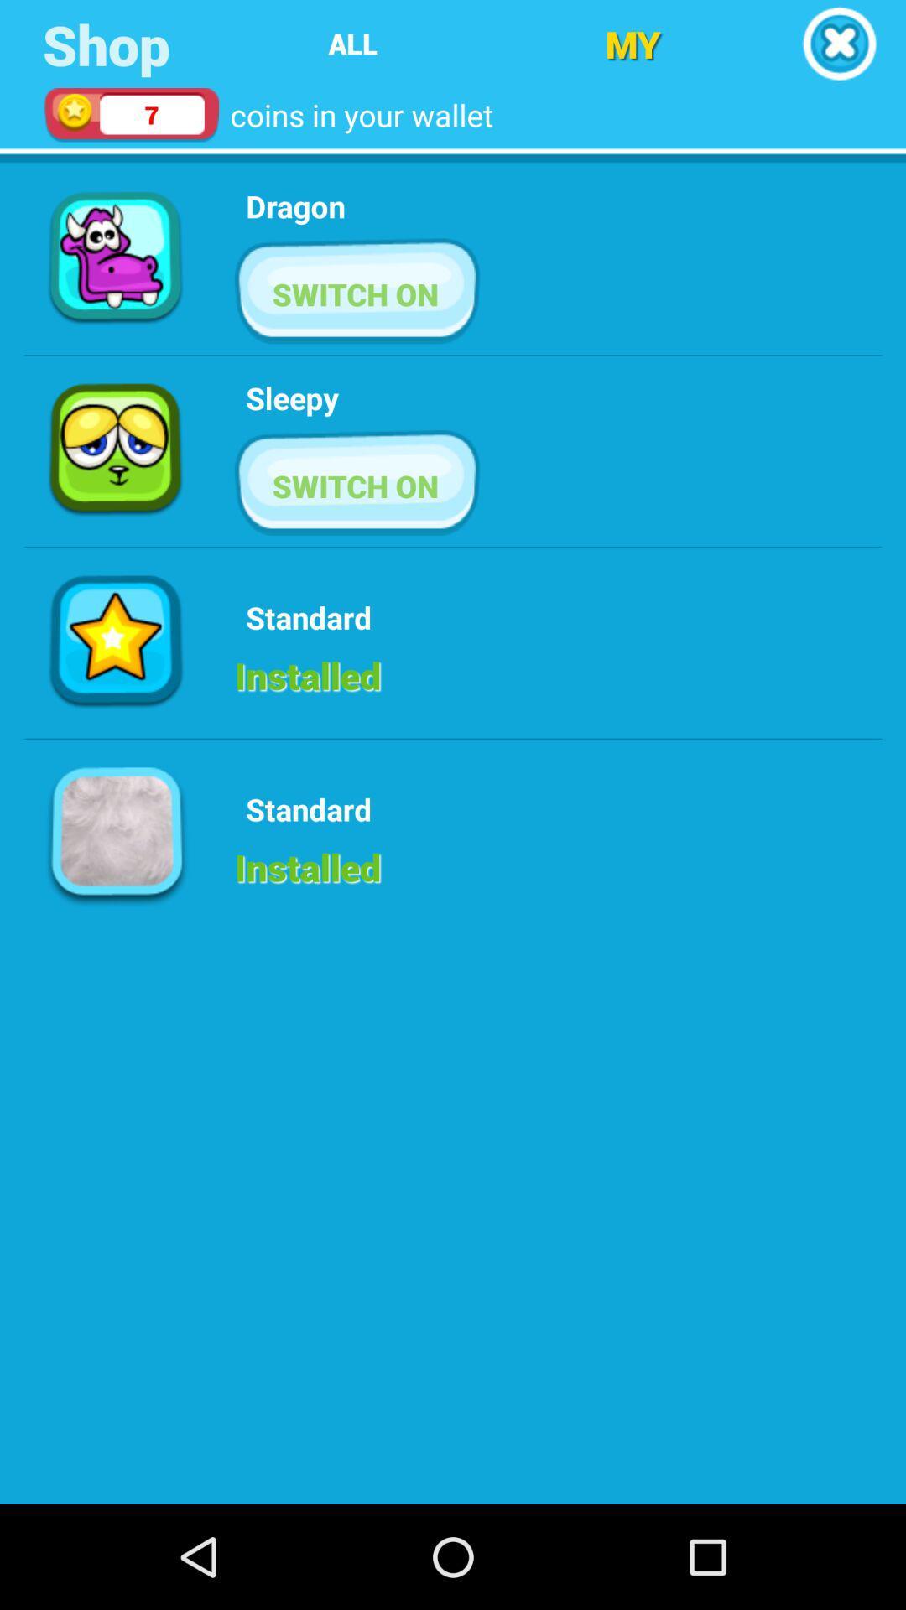 The image size is (906, 1610). What do you see at coordinates (839, 44) in the screenshot?
I see `app` at bounding box center [839, 44].